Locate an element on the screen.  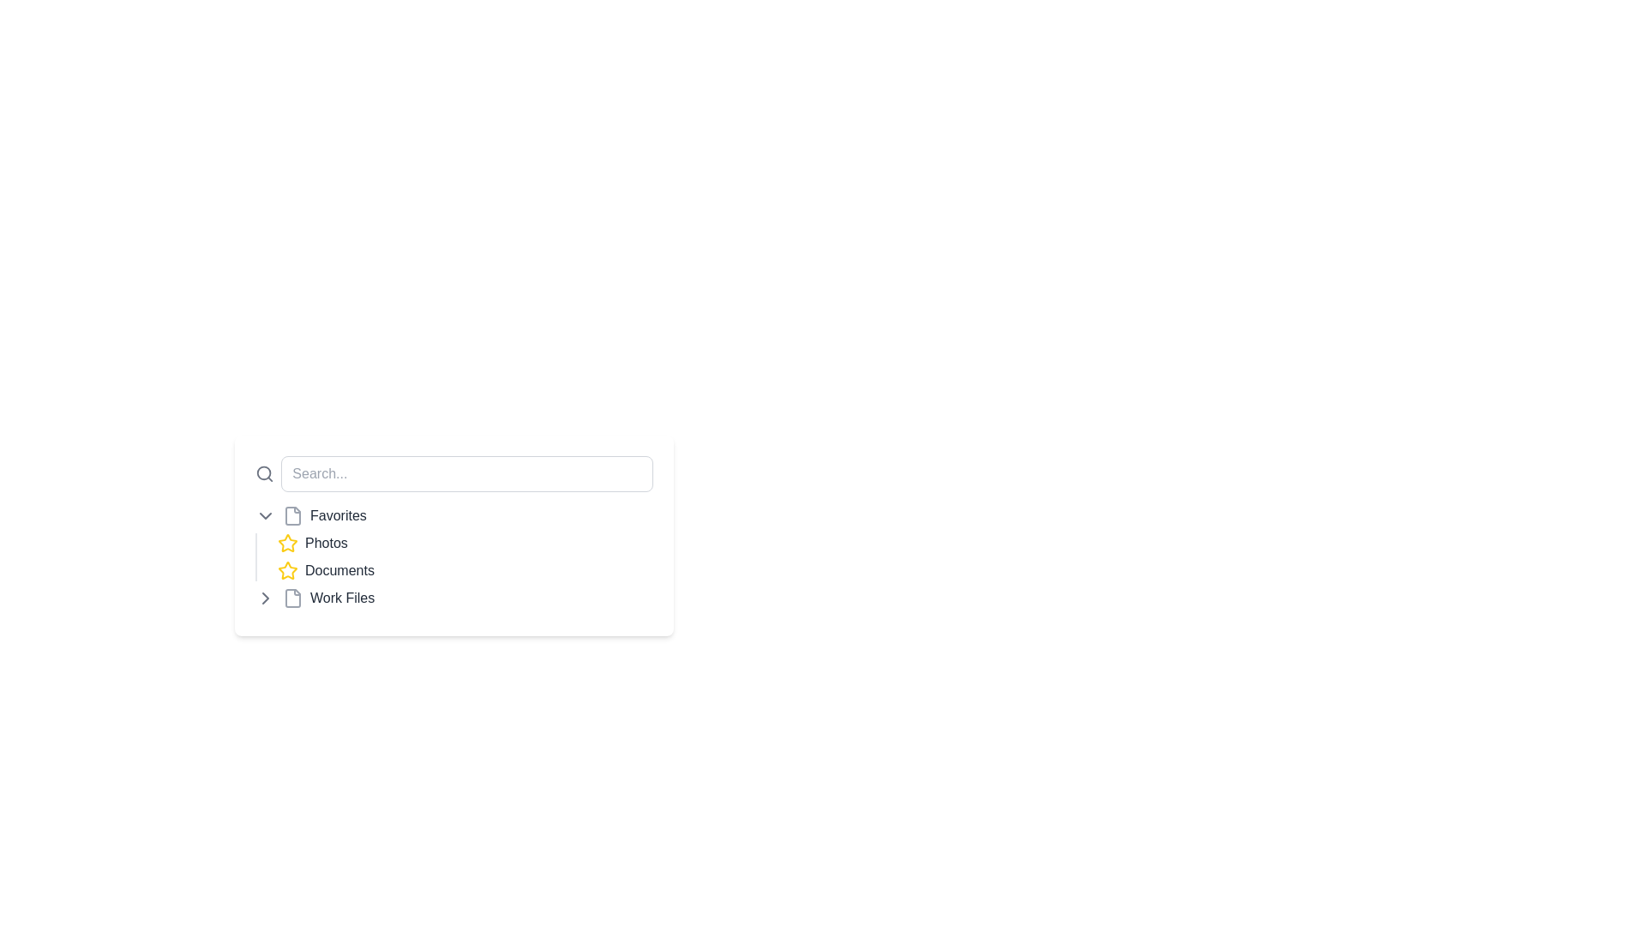
the gray document icon located in the navigation menu under the 'Favorites' label, positioned to the left of the 'Favorites' text is located at coordinates (292, 514).